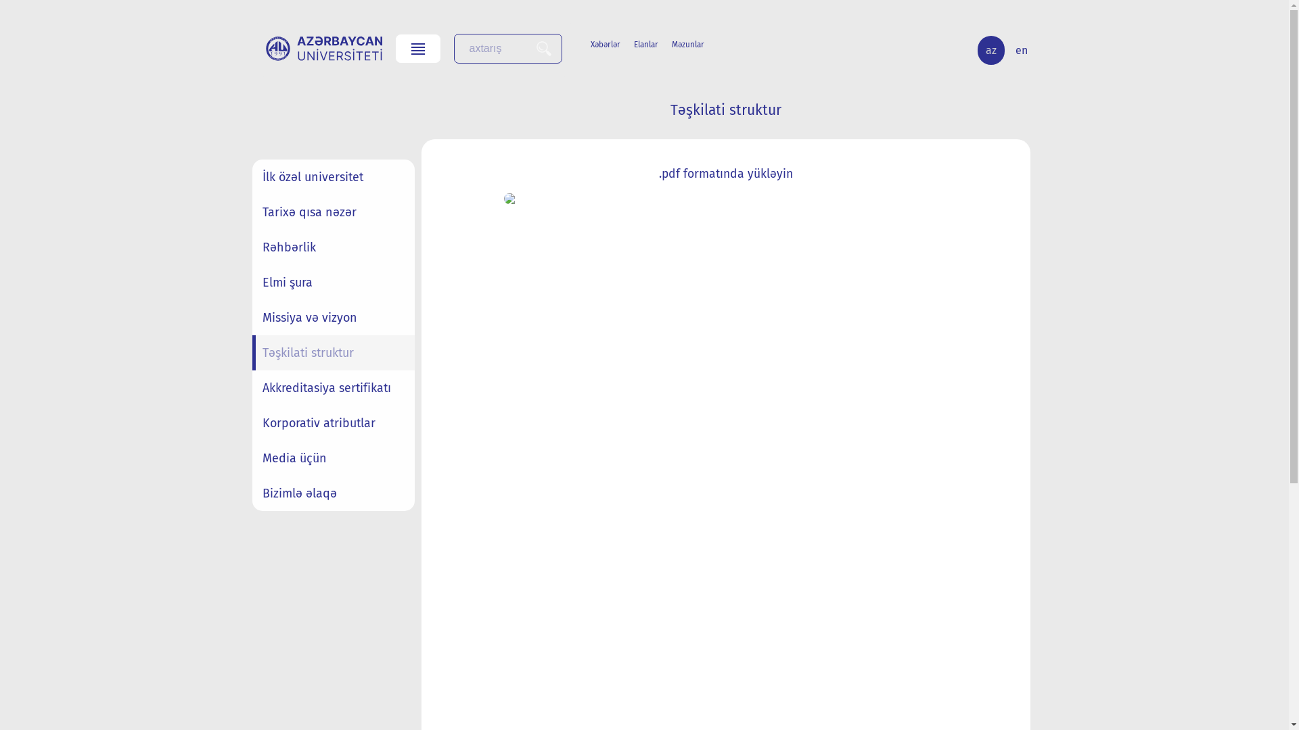 This screenshot has height=730, width=1299. What do you see at coordinates (990, 49) in the screenshot?
I see `'az'` at bounding box center [990, 49].